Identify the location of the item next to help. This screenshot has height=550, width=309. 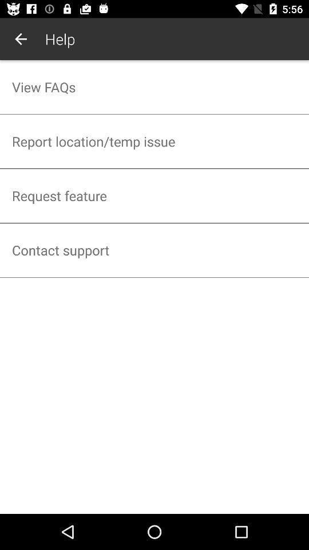
(21, 39).